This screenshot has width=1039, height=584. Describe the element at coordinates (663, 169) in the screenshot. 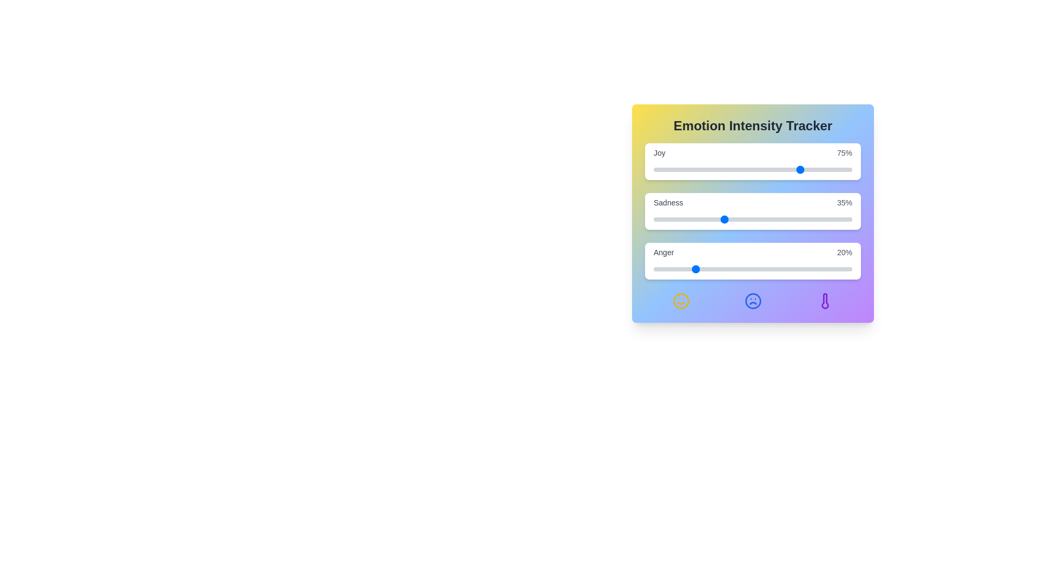

I see `the 'Joy' slider to set its intensity to 5%` at that location.